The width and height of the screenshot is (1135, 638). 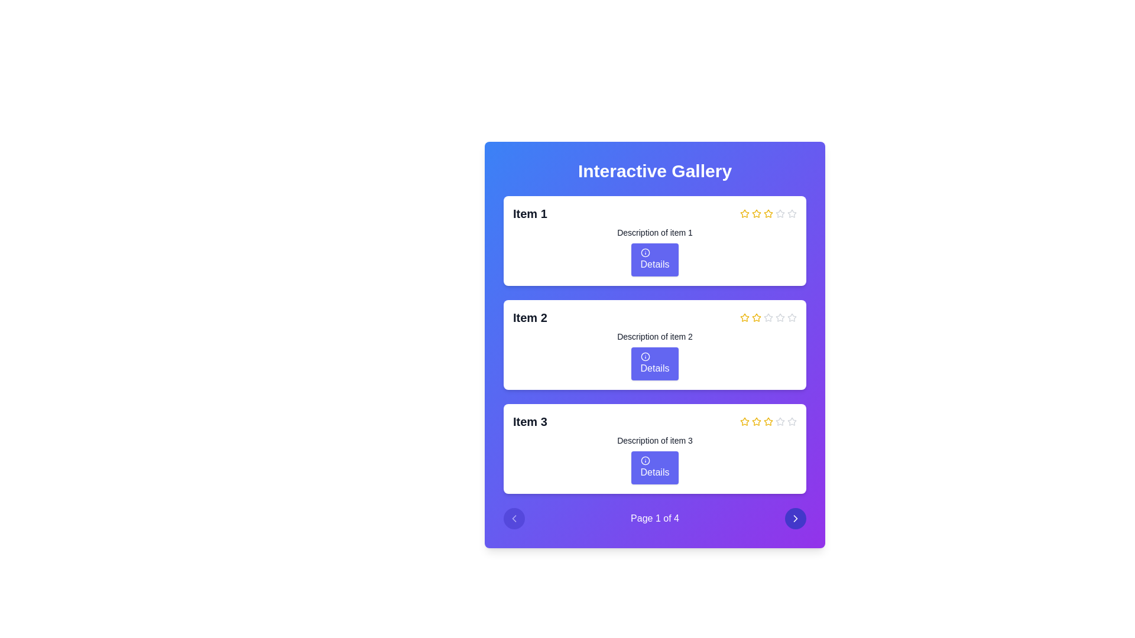 What do you see at coordinates (757, 214) in the screenshot?
I see `the second star in the rating component of the first card labeled 'Item 1'` at bounding box center [757, 214].